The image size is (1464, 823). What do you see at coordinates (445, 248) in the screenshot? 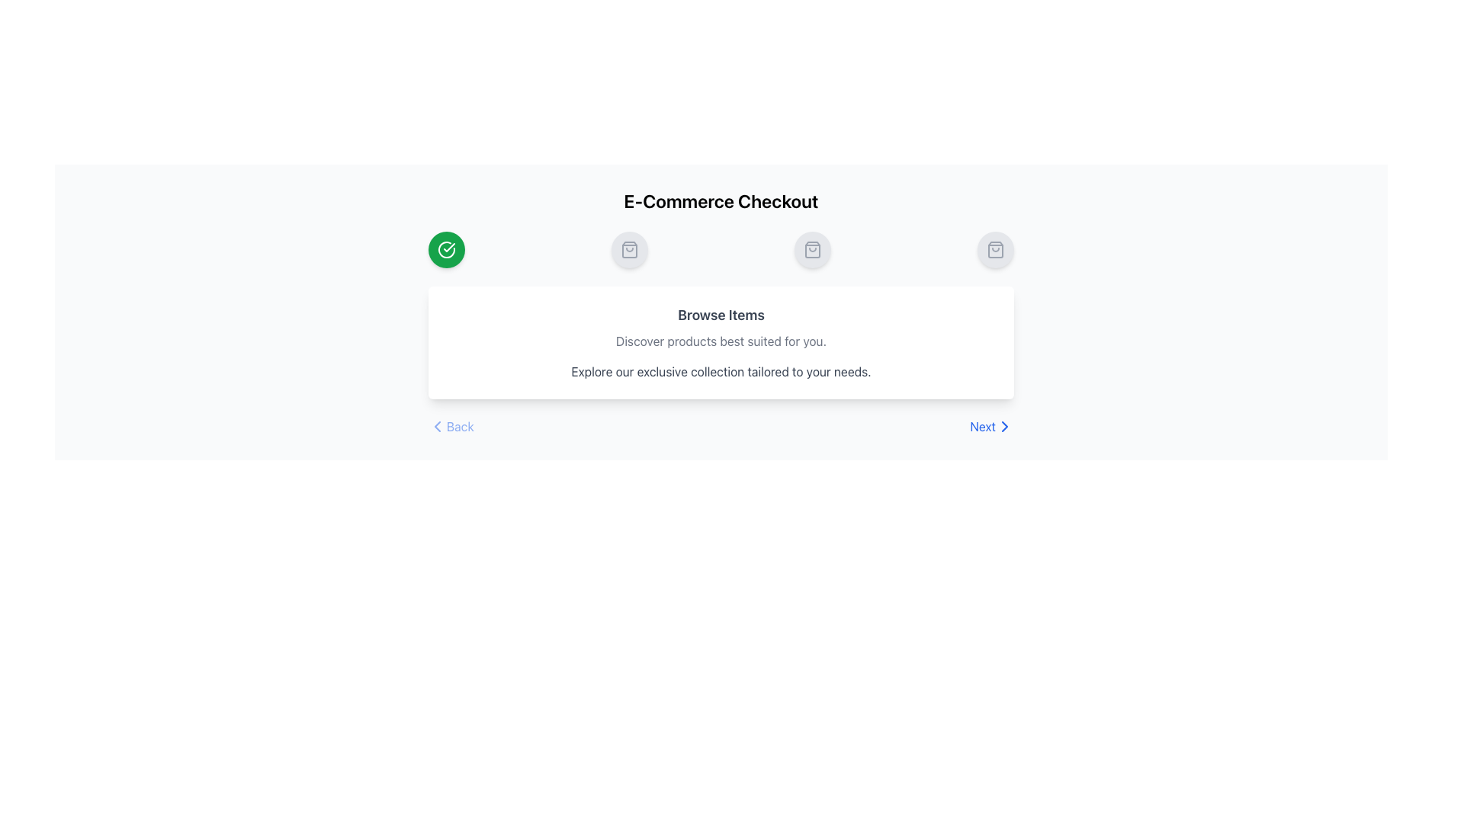
I see `the green circular confirmation icon located to the left of the step indicators` at bounding box center [445, 248].